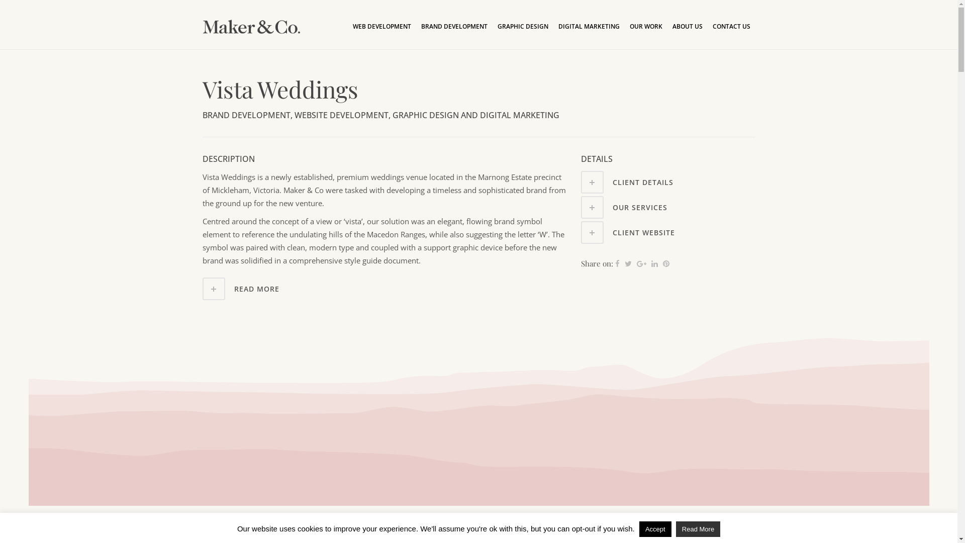 The width and height of the screenshot is (965, 543). What do you see at coordinates (381, 26) in the screenshot?
I see `'WEB DEVELOPMENT'` at bounding box center [381, 26].